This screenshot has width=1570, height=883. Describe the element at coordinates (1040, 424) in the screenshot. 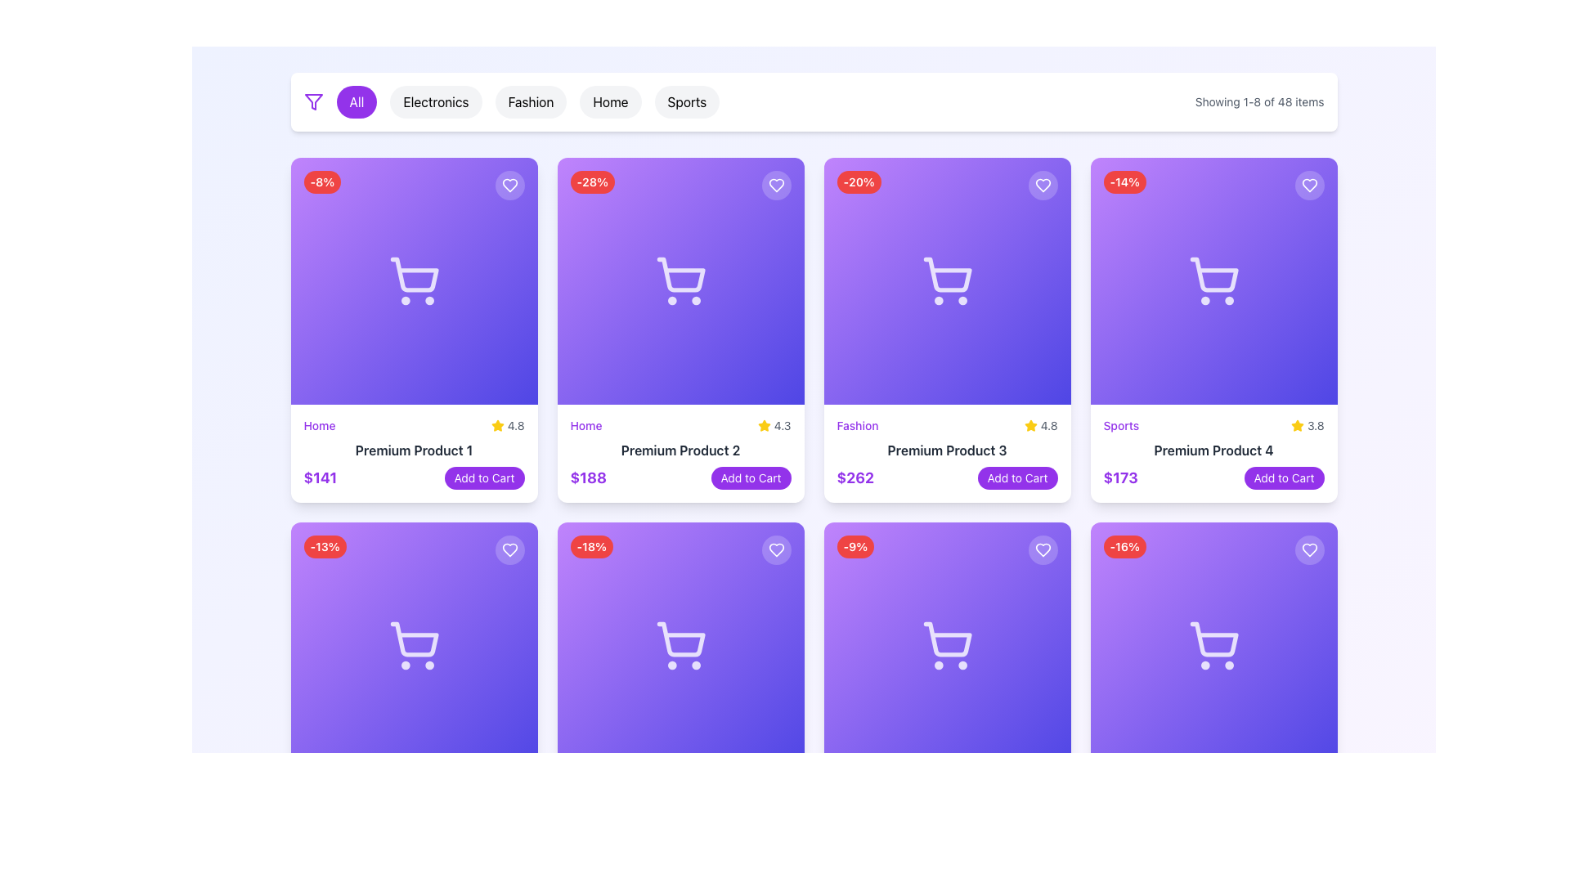

I see `the content of the Rating Display showing the rating '4.8' for the product 'Fashion Premium Product 3', located at the bottom-right corner of its card` at that location.